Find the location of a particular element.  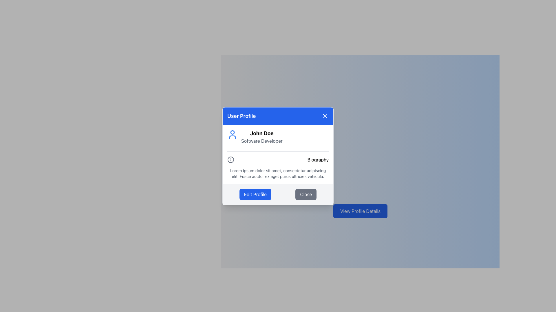

the Text Label that serves as the title of the modal or dialog box related to the user profile, positioned near the top-left corner of the header area is located at coordinates (242, 116).